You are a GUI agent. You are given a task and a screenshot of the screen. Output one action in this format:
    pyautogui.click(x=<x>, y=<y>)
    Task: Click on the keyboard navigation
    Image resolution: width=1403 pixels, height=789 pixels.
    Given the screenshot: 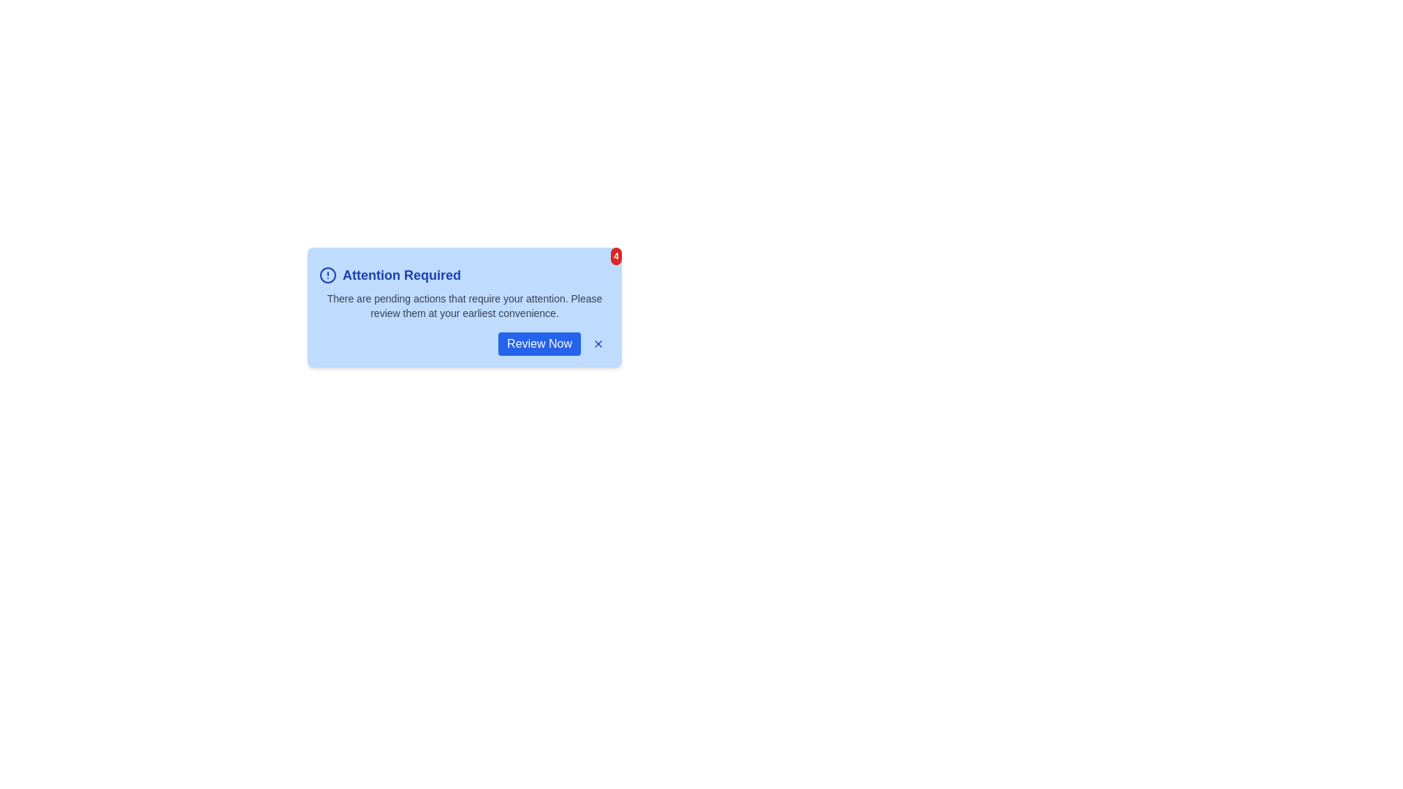 What is the action you would take?
    pyautogui.click(x=539, y=343)
    